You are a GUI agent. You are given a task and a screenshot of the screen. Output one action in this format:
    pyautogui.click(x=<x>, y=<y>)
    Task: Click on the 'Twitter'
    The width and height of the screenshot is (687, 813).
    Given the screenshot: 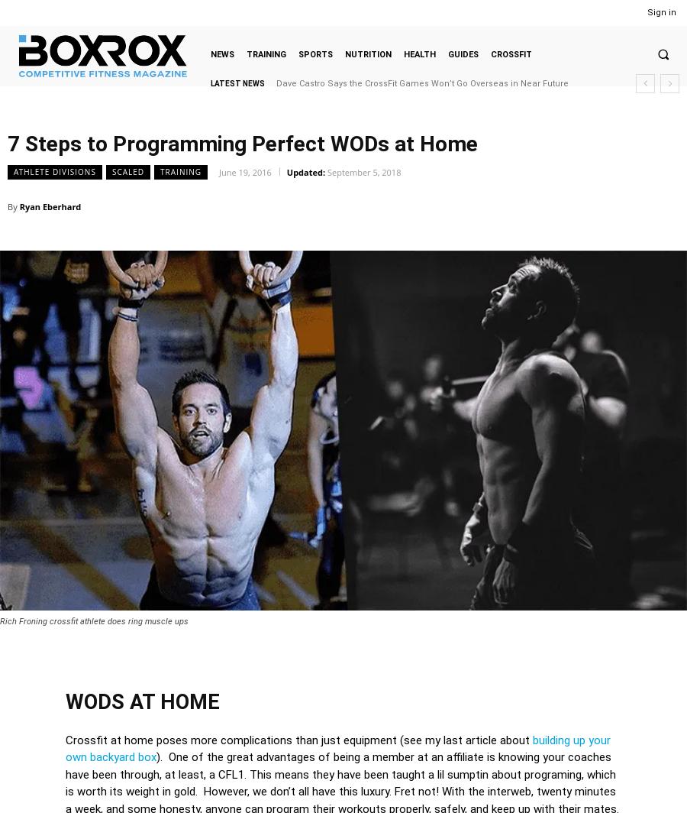 What is the action you would take?
    pyautogui.click(x=465, y=205)
    